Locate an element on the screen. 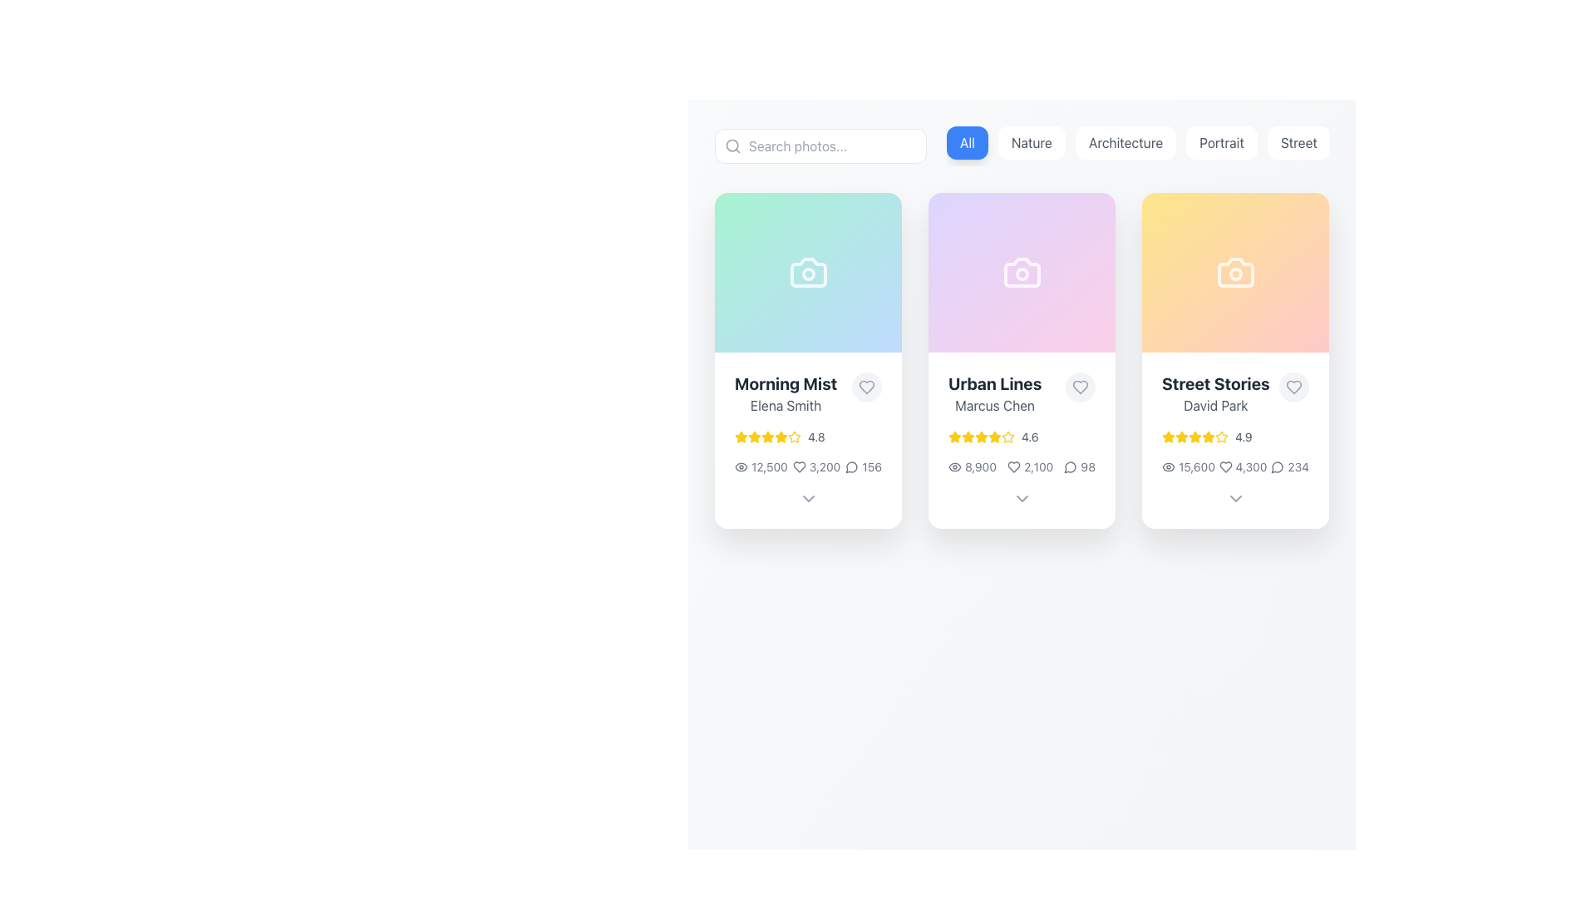 The image size is (1596, 898). the 5th star-shaped icon (yellow fill) in the 5-star rating system on the 'Street Stories' card, which is the third card from the left is located at coordinates (1209, 436).